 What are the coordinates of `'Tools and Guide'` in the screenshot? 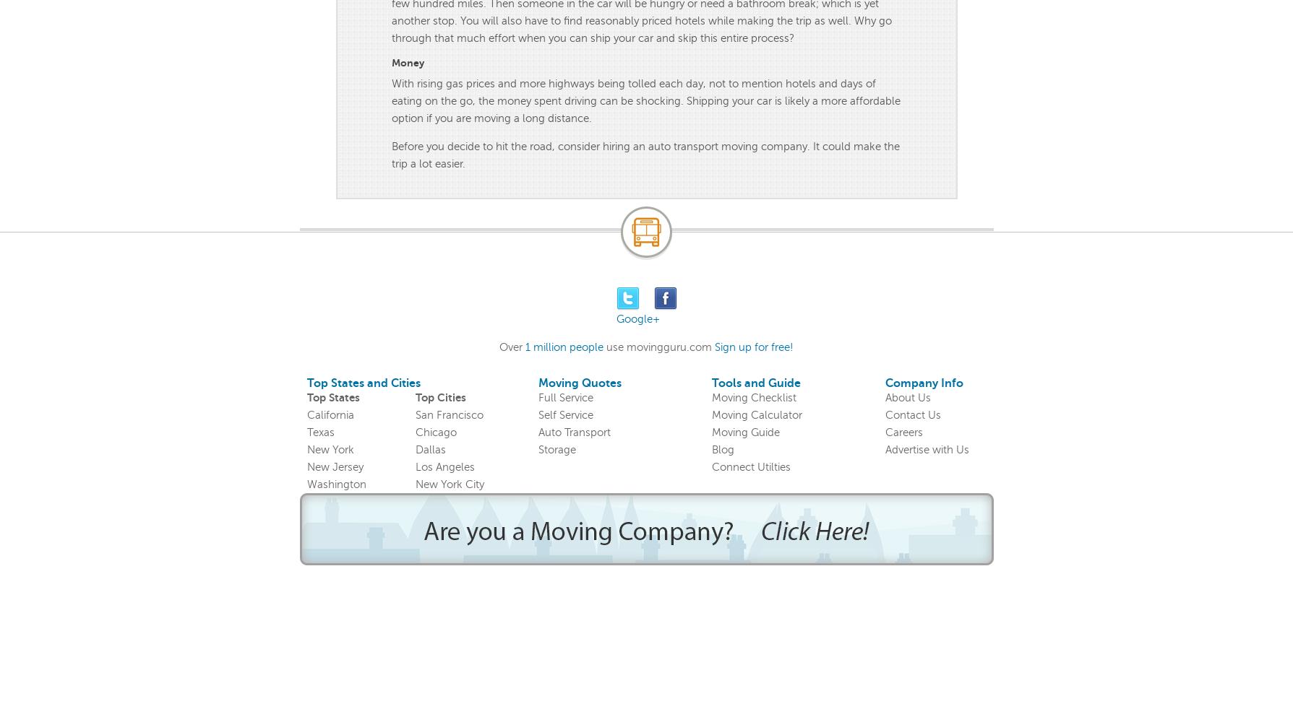 It's located at (710, 383).